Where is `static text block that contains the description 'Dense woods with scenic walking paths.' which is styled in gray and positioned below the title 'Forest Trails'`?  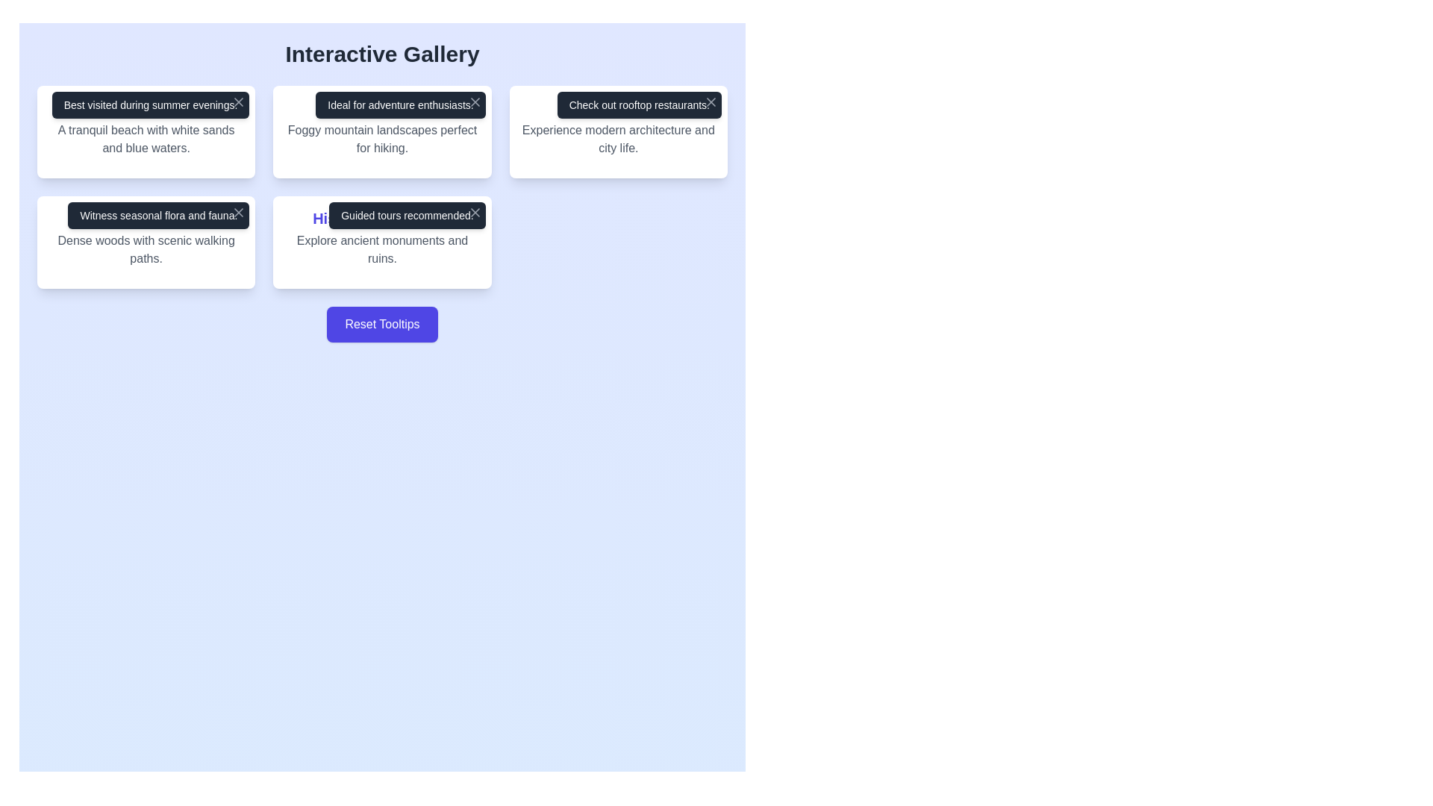 static text block that contains the description 'Dense woods with scenic walking paths.' which is styled in gray and positioned below the title 'Forest Trails' is located at coordinates (146, 249).